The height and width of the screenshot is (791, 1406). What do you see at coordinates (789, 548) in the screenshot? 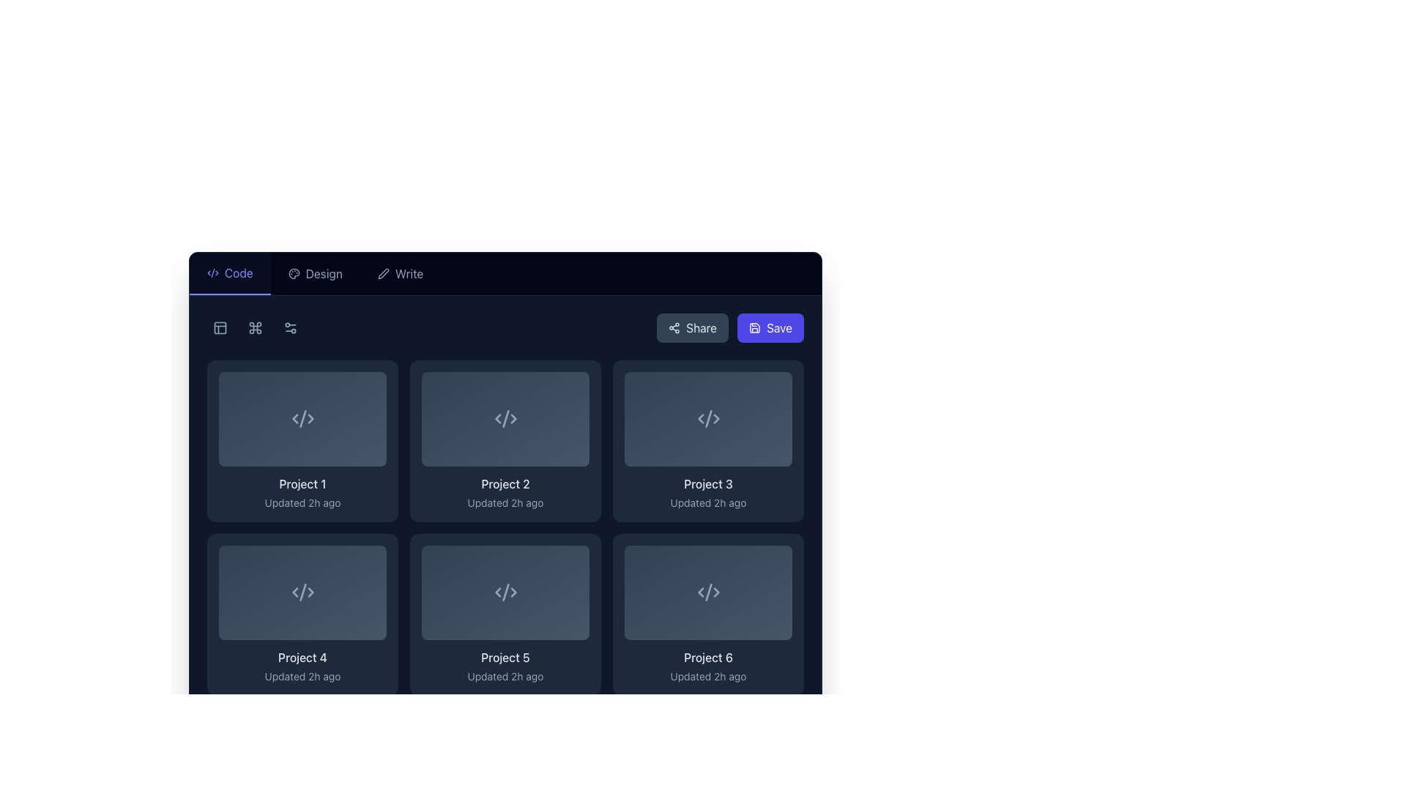
I see `the layers icon located in the top-right corner of the sixth project card, which indicates navigation or access to additional options related to the project's layers` at bounding box center [789, 548].